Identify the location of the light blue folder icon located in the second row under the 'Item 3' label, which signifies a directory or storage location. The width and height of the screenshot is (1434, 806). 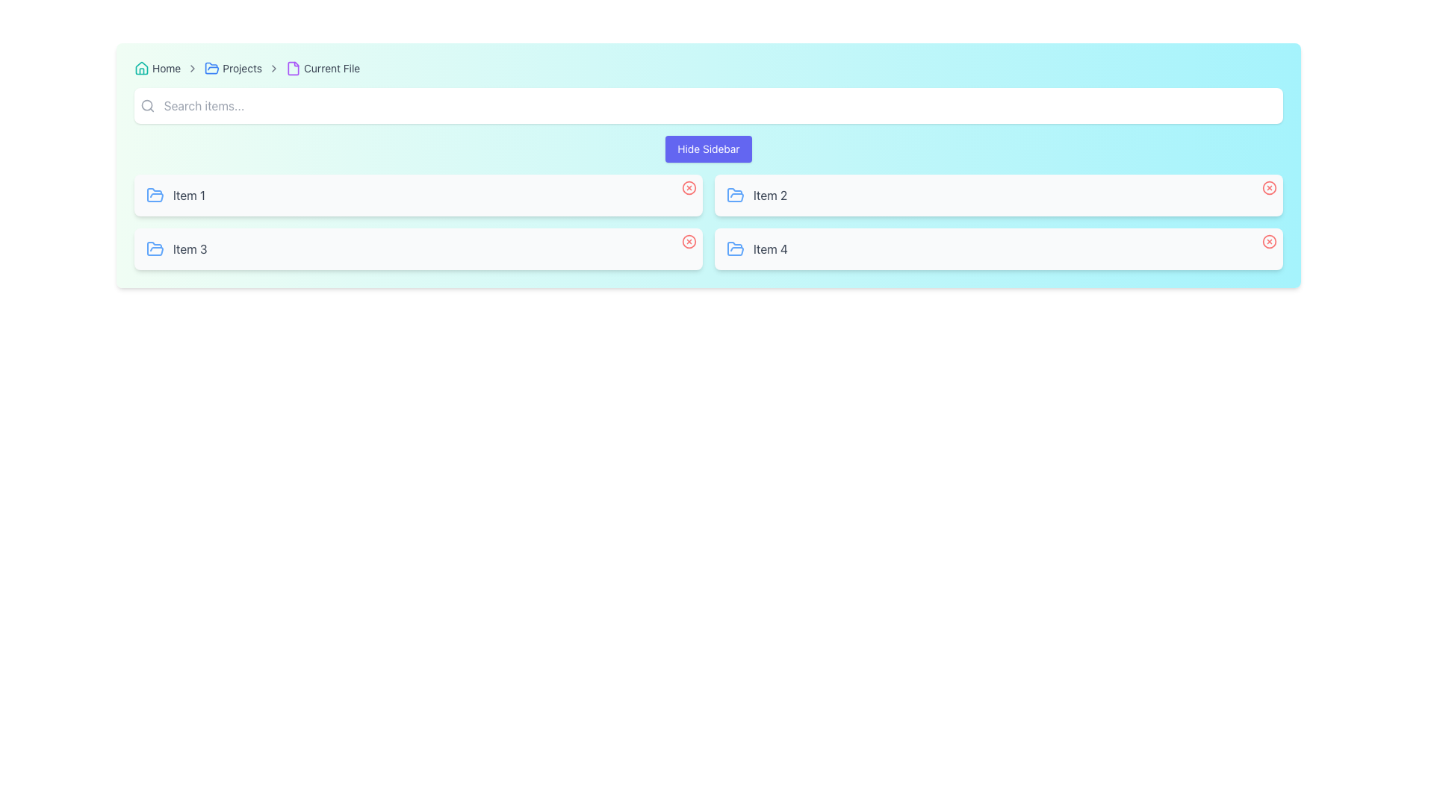
(155, 248).